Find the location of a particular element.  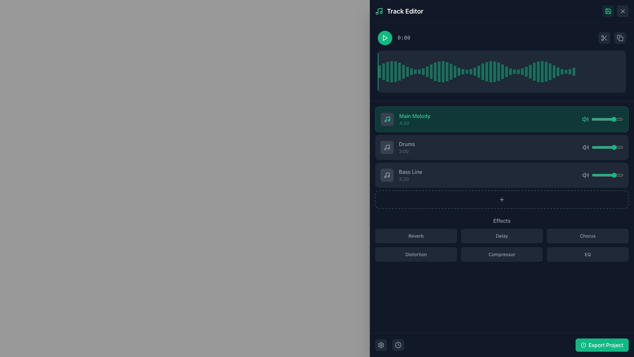

the 'Save' icon, which is centered within a green button located at the top-right corner of the application interface is located at coordinates (608, 11).